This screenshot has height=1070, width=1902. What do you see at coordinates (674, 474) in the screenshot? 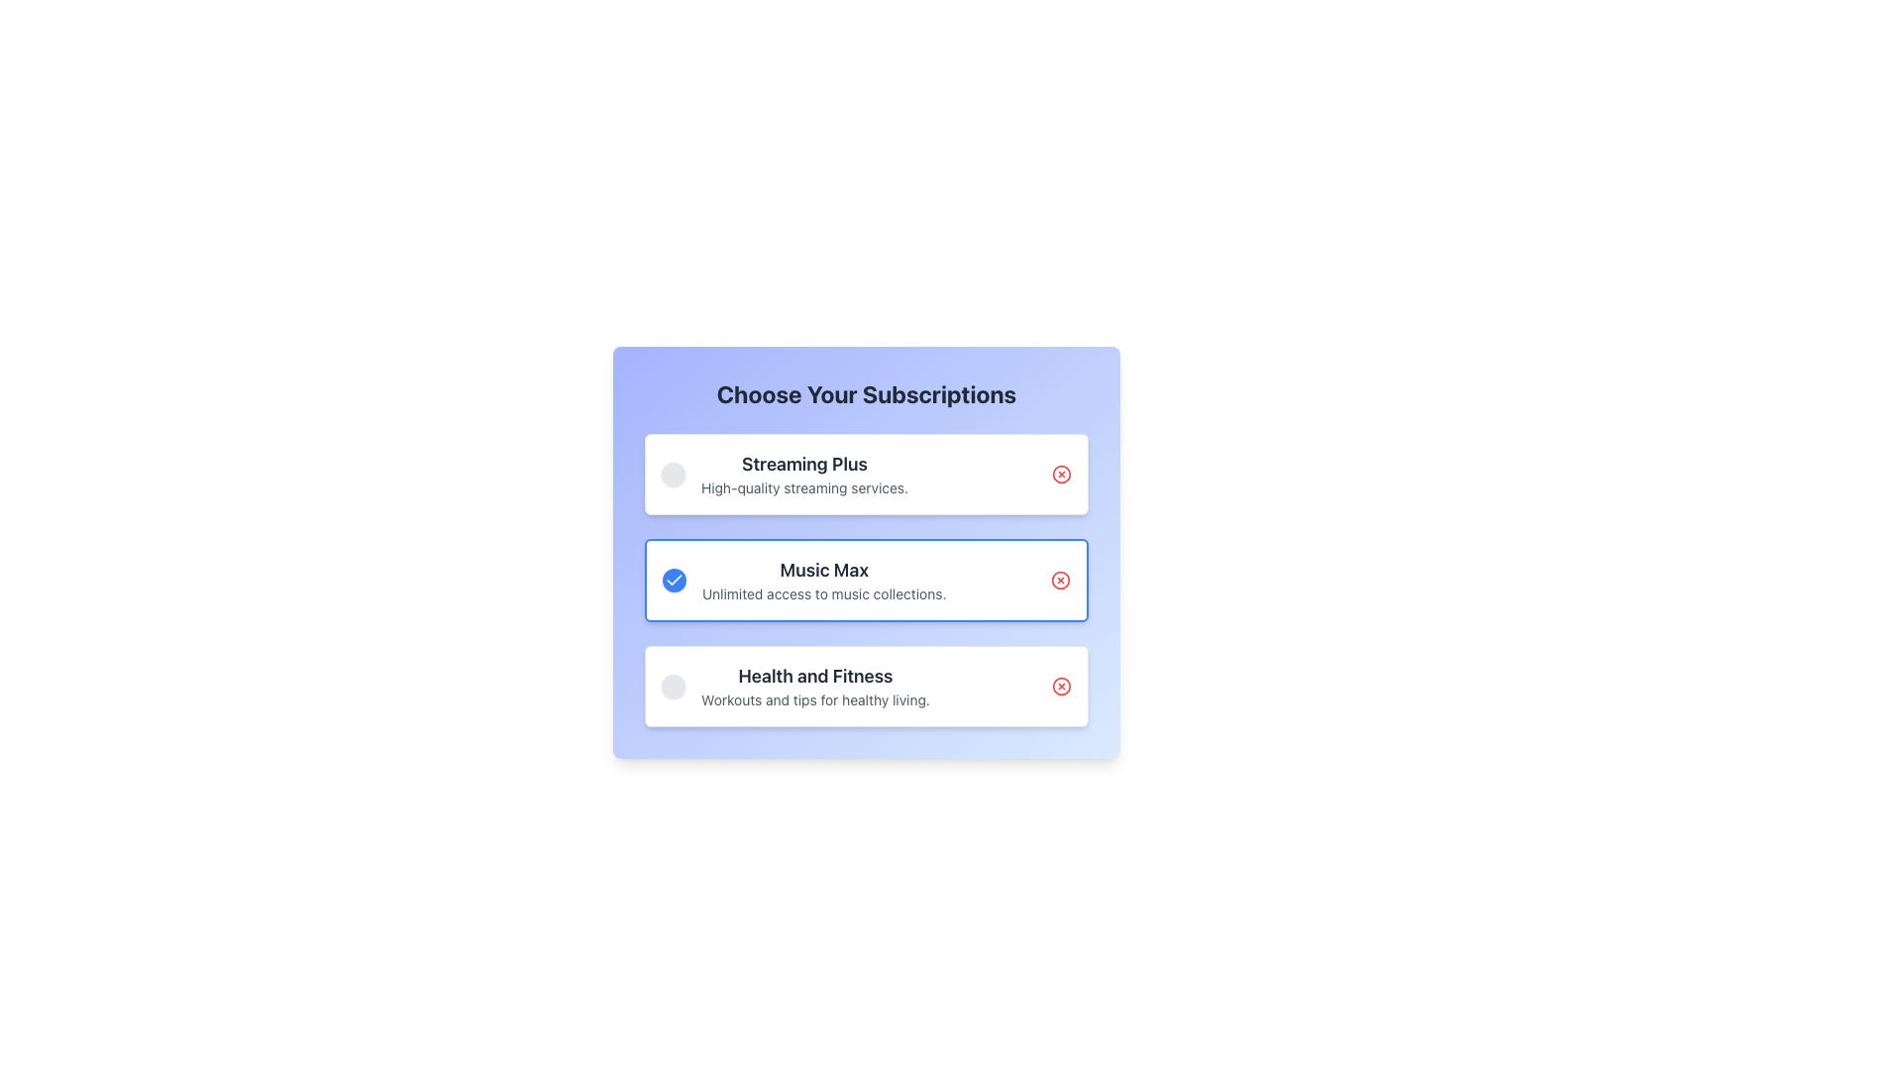
I see `the radio button located on the left side of the 'Streaming Plus' subscription option` at bounding box center [674, 474].